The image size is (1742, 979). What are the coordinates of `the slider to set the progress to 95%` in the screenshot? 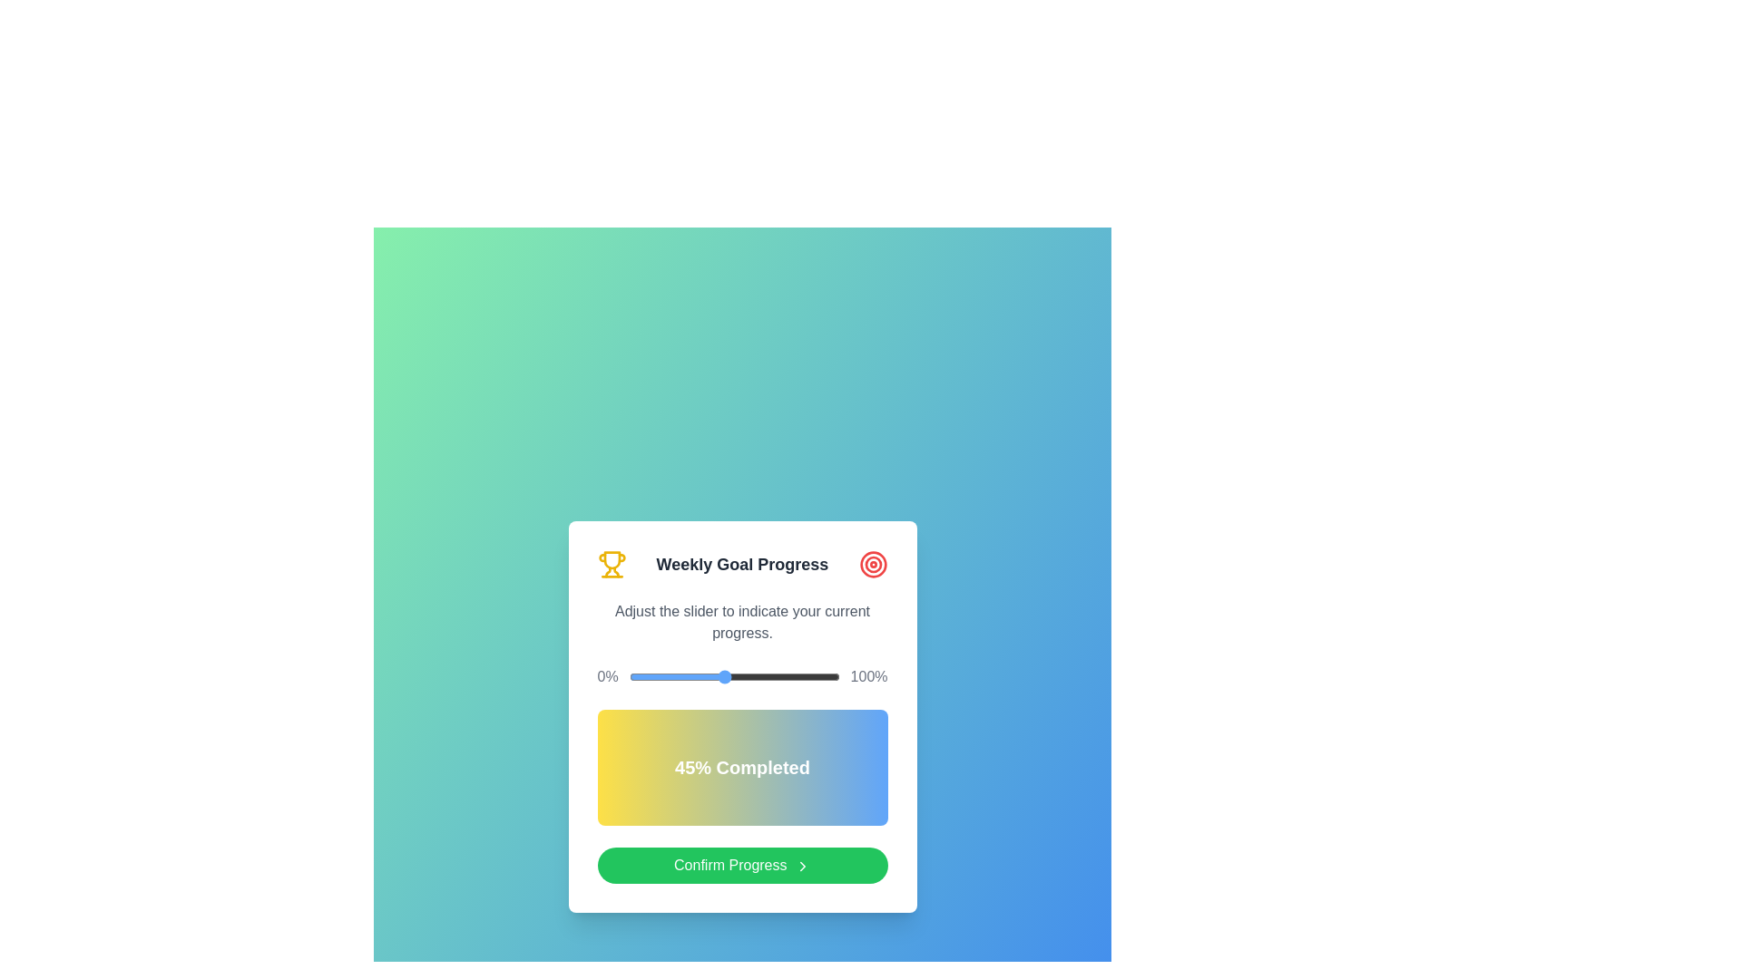 It's located at (827, 677).